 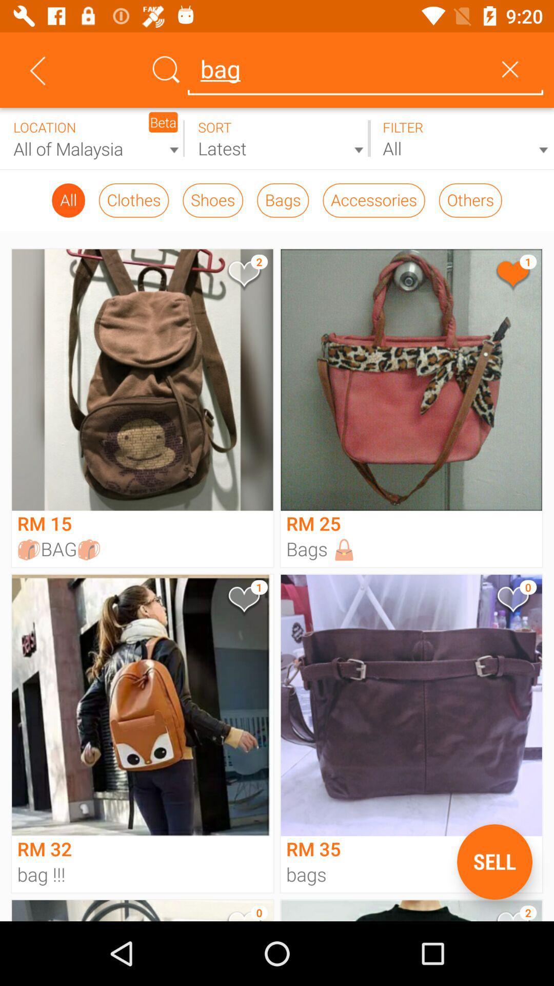 I want to click on to favorites, so click(x=243, y=276).